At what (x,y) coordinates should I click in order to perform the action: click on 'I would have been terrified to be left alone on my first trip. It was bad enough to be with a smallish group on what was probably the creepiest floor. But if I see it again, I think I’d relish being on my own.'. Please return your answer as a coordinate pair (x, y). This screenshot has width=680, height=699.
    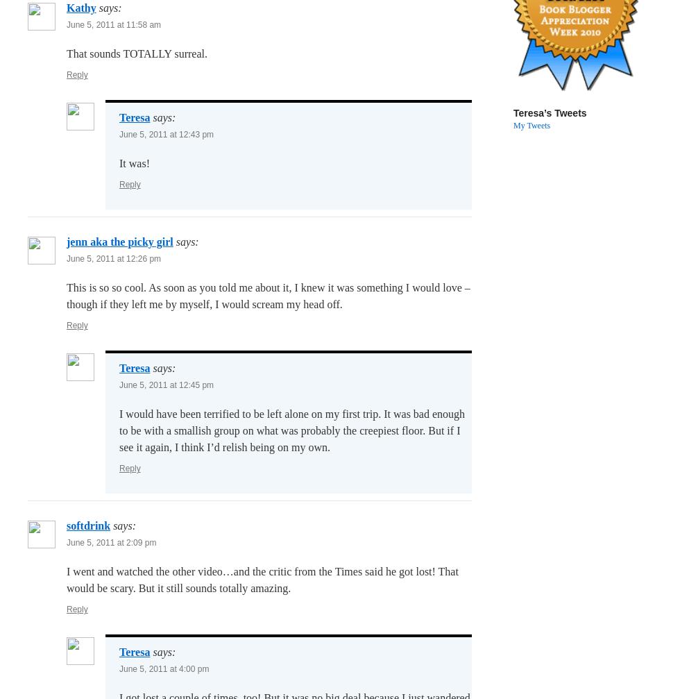
    Looking at the image, I should click on (292, 430).